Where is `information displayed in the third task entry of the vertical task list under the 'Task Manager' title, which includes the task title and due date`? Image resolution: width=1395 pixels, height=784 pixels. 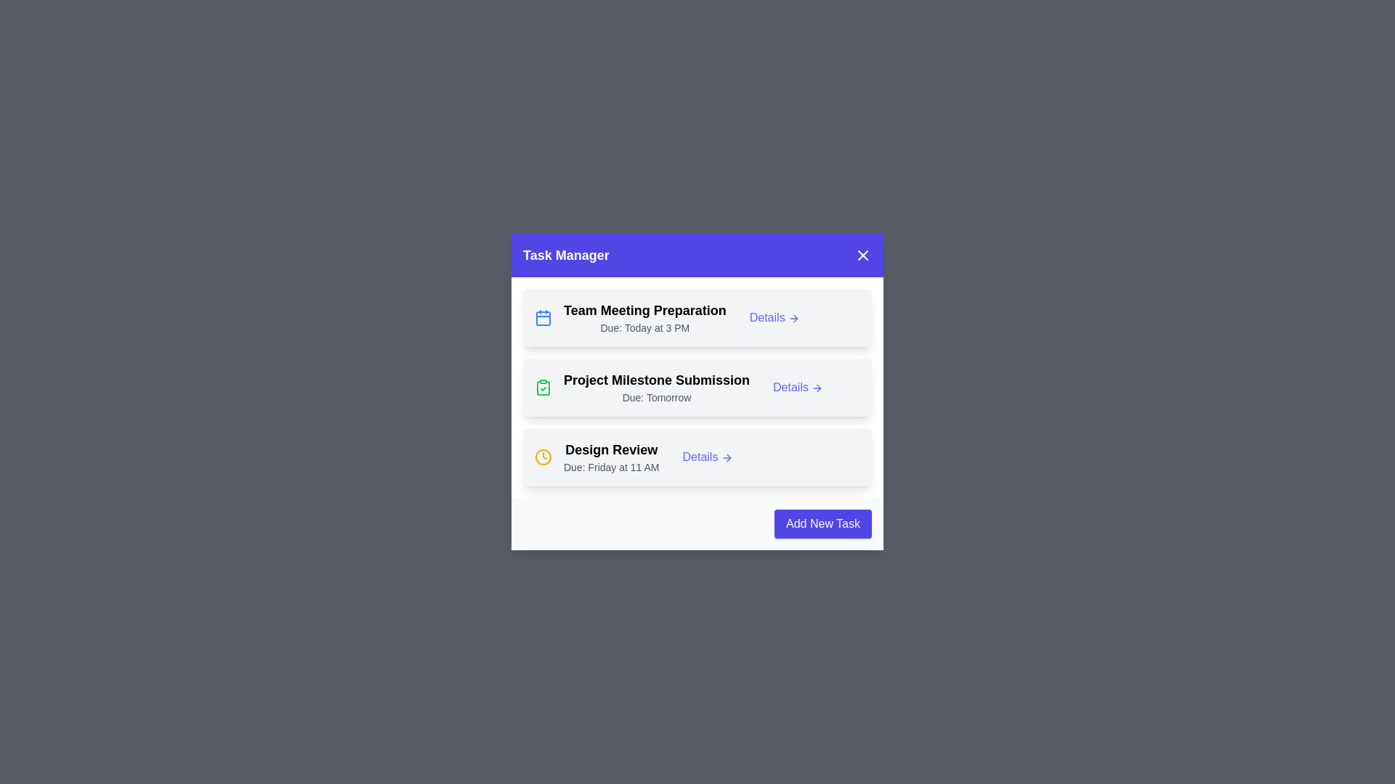 information displayed in the third task entry of the vertical task list under the 'Task Manager' title, which includes the task title and due date is located at coordinates (611, 456).